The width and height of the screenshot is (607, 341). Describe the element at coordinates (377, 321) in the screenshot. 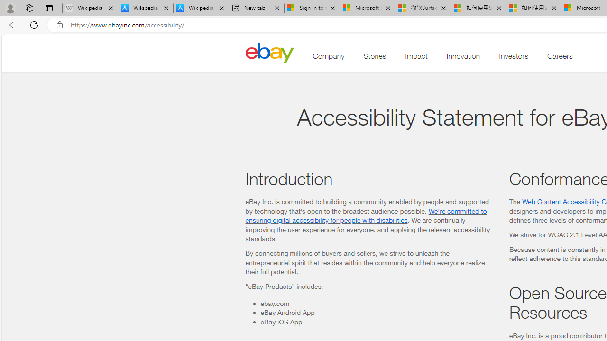

I see `'eBay iOS App'` at that location.